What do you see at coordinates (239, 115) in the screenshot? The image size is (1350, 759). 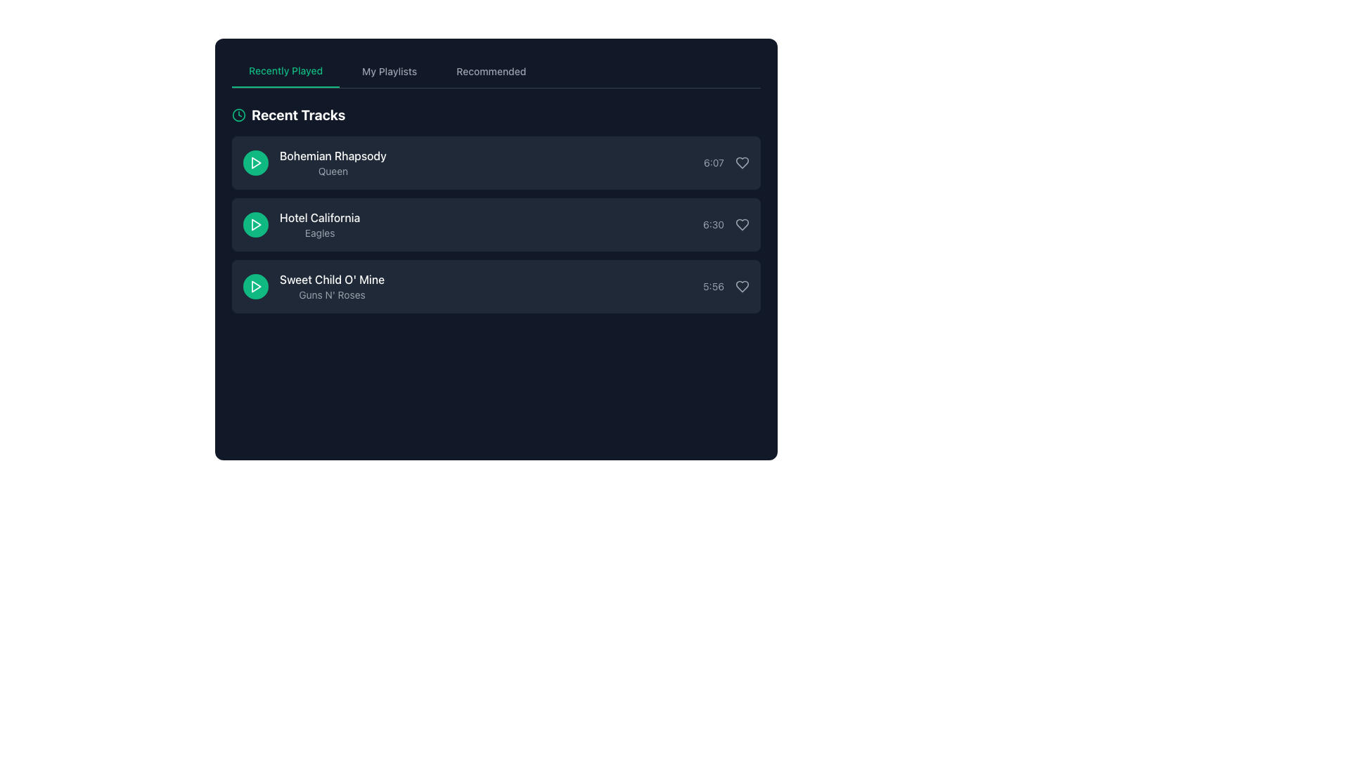 I see `the SVG circle graphic with a green border, which is centered within the clock icon, located near the top-left corner of the interface adjacent to the heading 'Recent Tracks'` at bounding box center [239, 115].